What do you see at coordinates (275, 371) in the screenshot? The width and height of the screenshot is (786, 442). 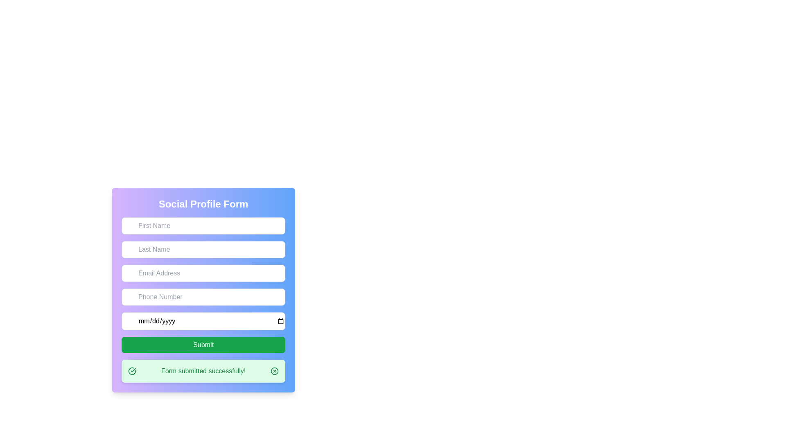 I see `the circular SVG graphical element with a green border and white center located in the success message bar at the bottom of the form` at bounding box center [275, 371].